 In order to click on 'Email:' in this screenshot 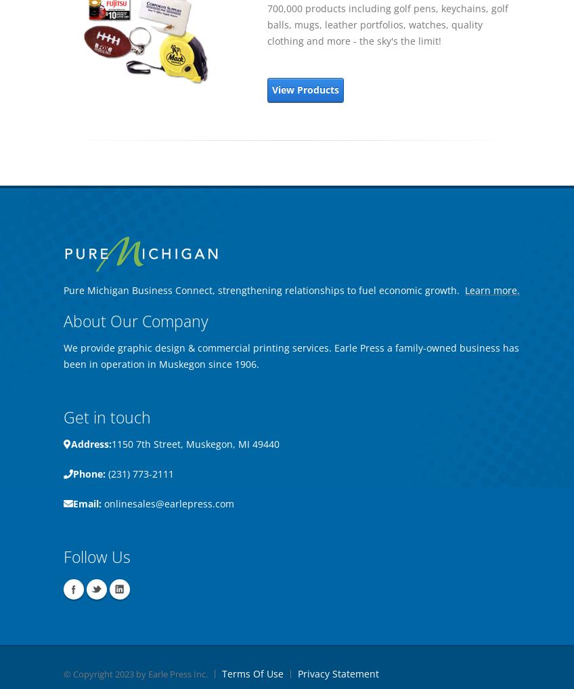, I will do `click(86, 503)`.